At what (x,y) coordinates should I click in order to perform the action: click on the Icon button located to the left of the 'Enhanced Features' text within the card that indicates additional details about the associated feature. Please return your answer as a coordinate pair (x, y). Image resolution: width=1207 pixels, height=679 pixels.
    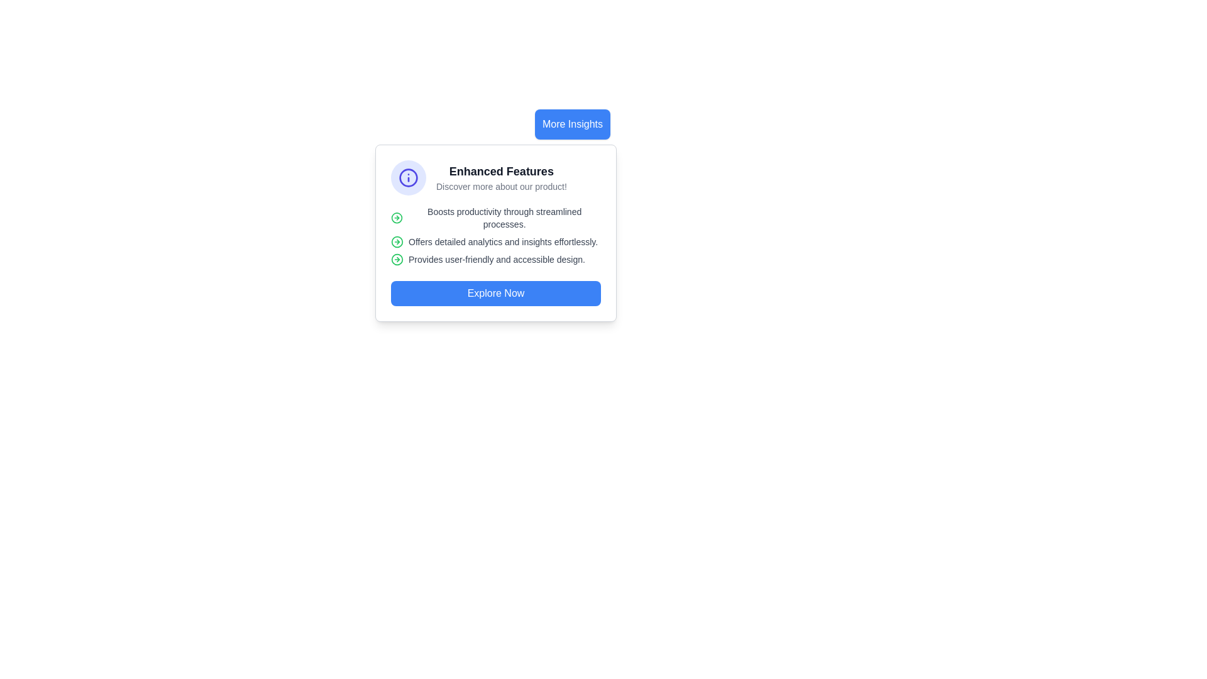
    Looking at the image, I should click on (408, 177).